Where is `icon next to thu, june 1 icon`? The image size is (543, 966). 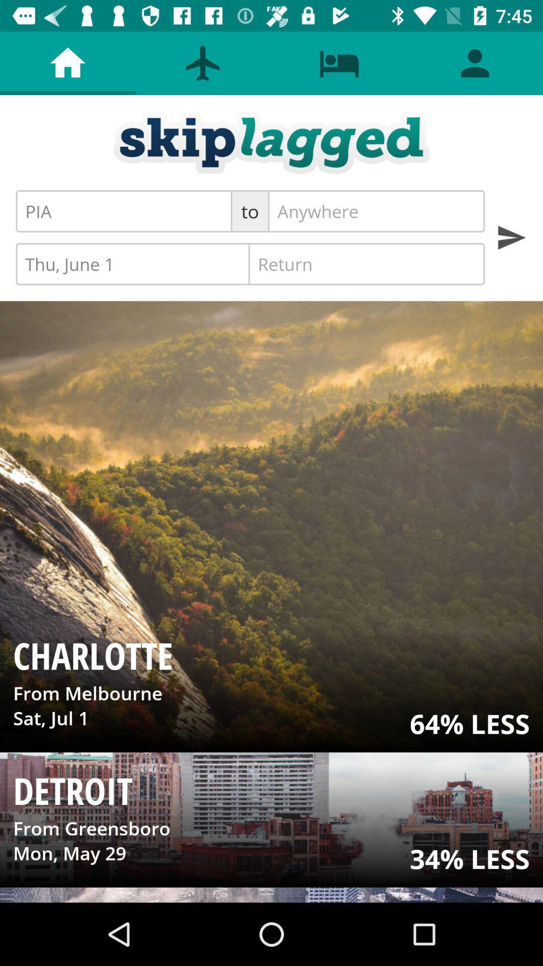
icon next to thu, june 1 icon is located at coordinates (367, 264).